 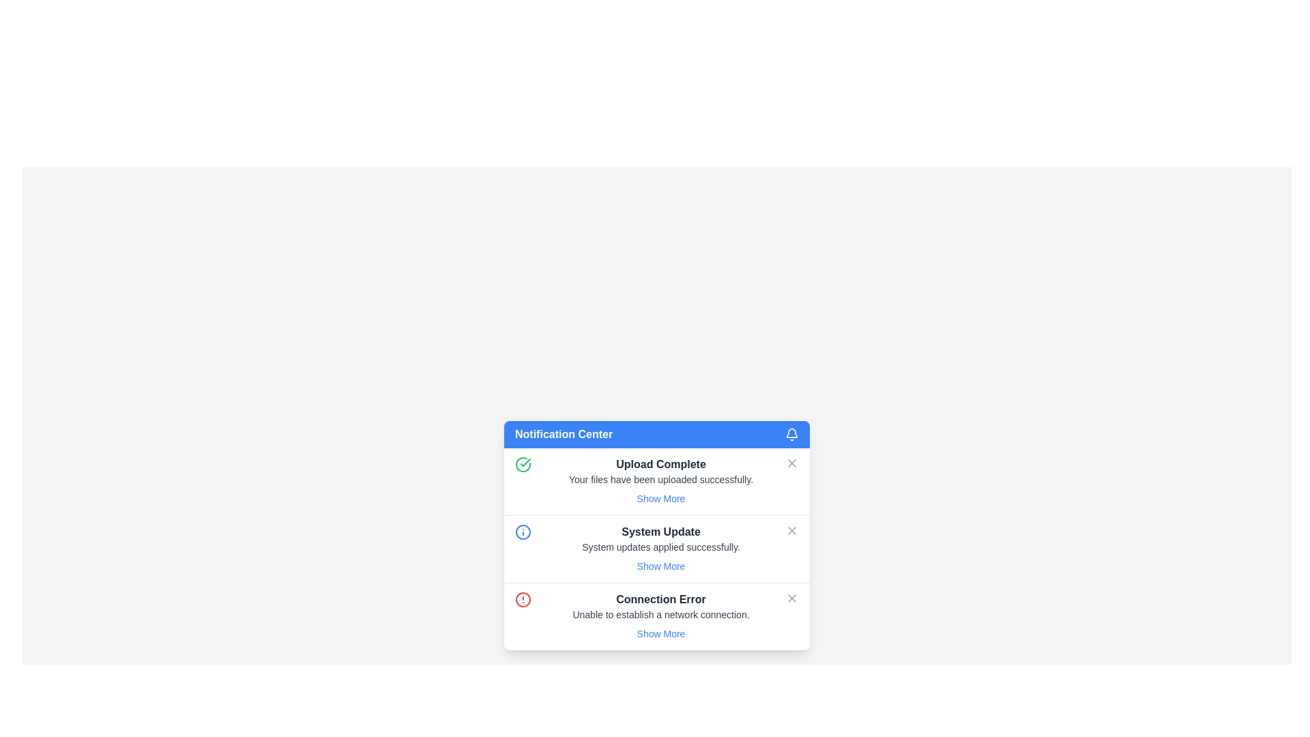 What do you see at coordinates (523, 599) in the screenshot?
I see `the error icon indicating 'Connection Error' located within the notification card, which is the third circle among similar icons` at bounding box center [523, 599].